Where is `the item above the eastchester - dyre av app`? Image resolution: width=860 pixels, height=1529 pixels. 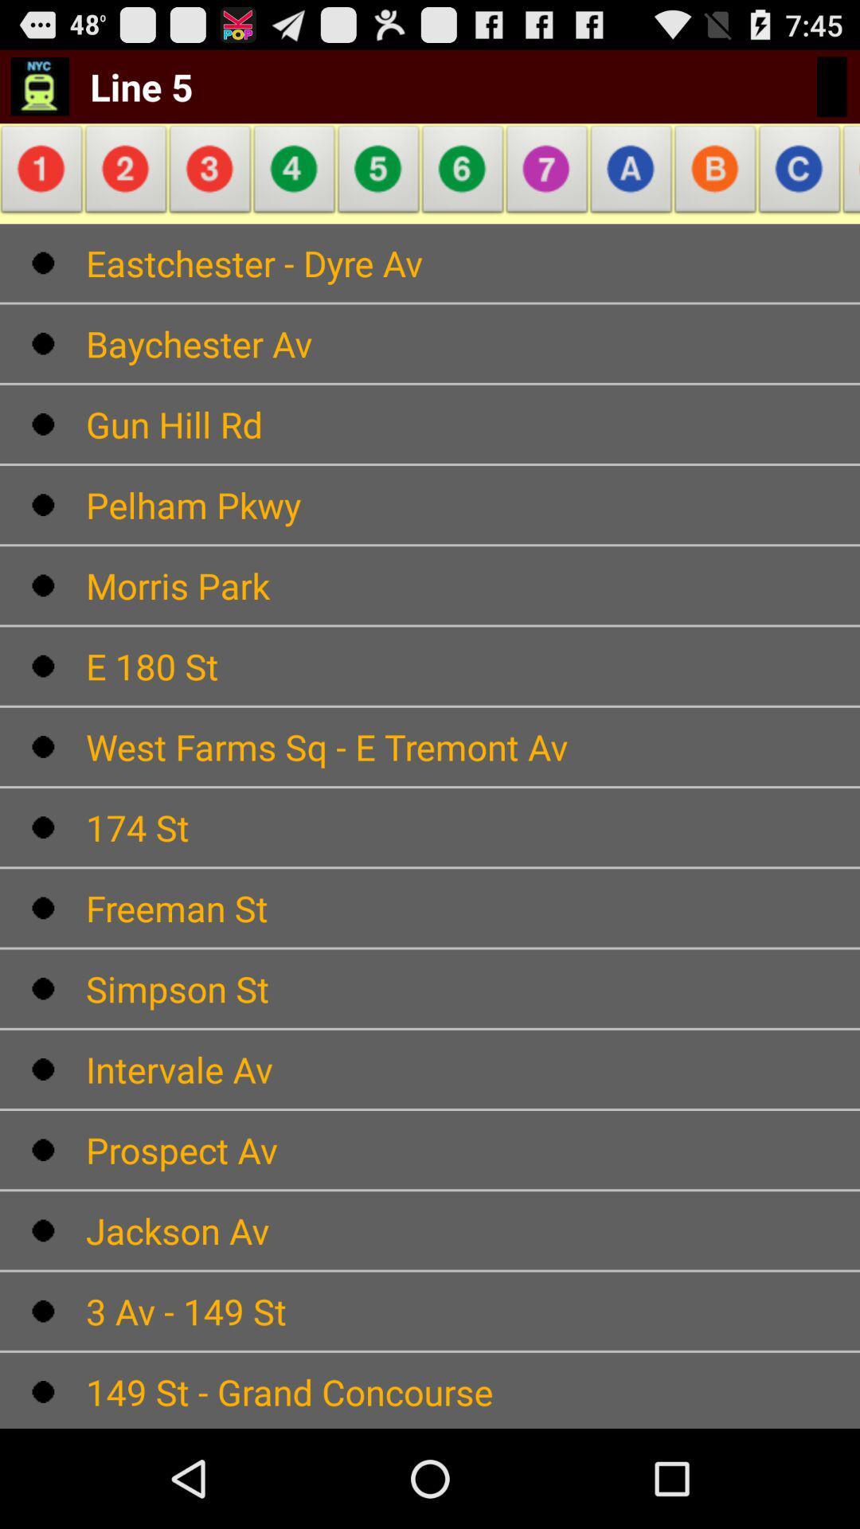
the item above the eastchester - dyre av app is located at coordinates (631, 174).